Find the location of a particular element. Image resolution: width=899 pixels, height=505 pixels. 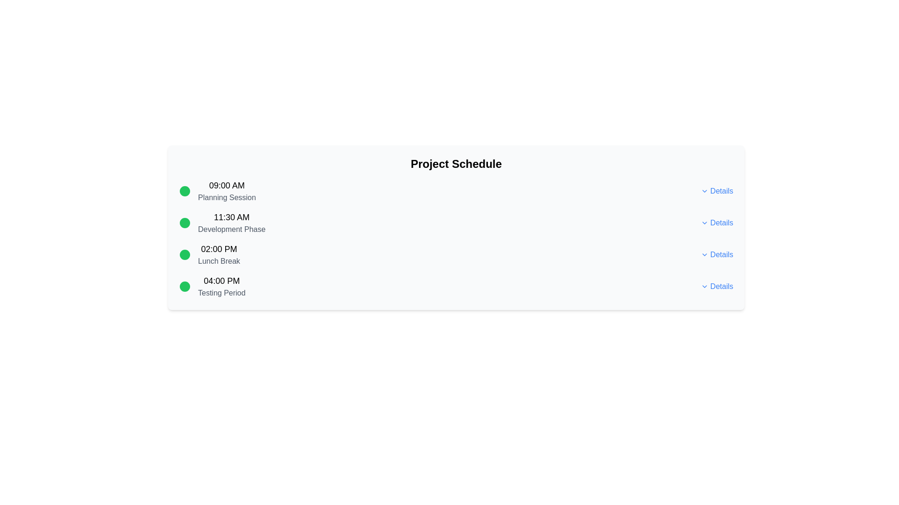

the text block displaying '04:00 PM' and 'Testing Period' in the 'Project Schedule' section, which is the fourth item in the list is located at coordinates (221, 286).